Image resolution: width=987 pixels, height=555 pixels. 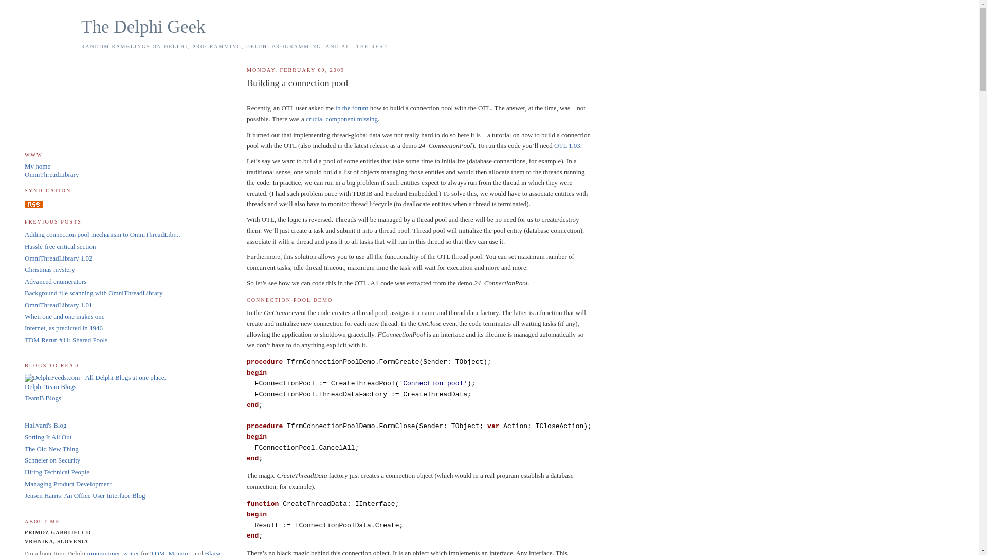 I want to click on 'Adding connection pool mechanism to OmniThreadLibr...', so click(x=102, y=234).